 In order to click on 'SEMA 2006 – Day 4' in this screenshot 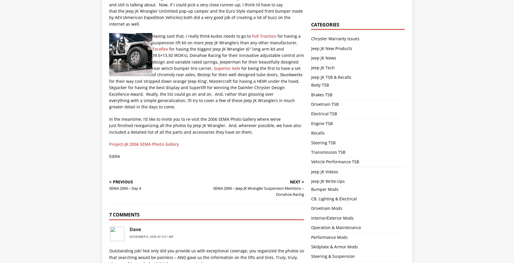, I will do `click(124, 188)`.